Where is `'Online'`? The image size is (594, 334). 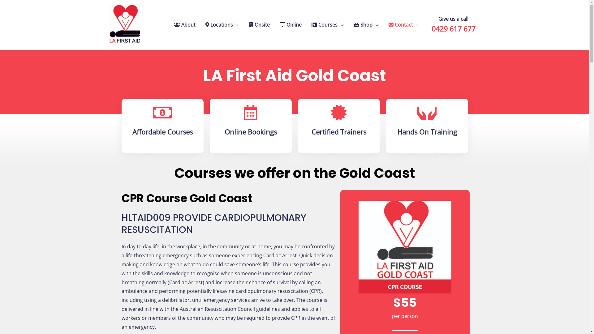 'Online' is located at coordinates (290, 24).